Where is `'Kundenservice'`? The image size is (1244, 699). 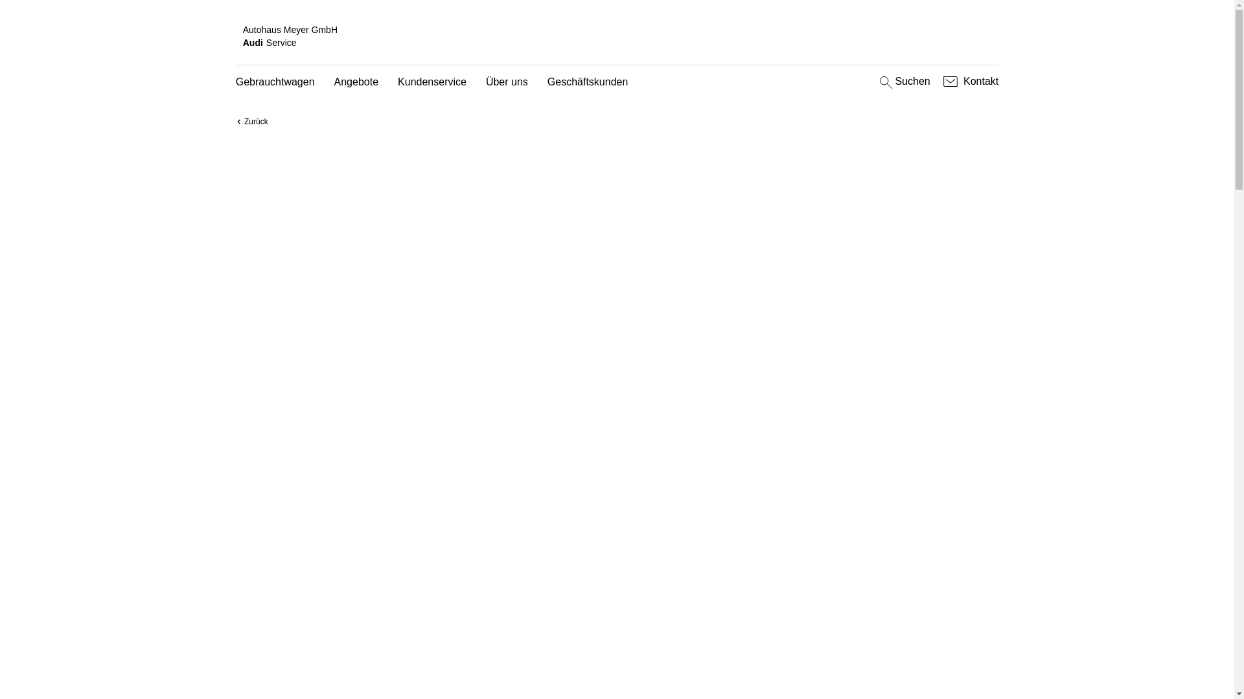
'Kundenservice' is located at coordinates (432, 82).